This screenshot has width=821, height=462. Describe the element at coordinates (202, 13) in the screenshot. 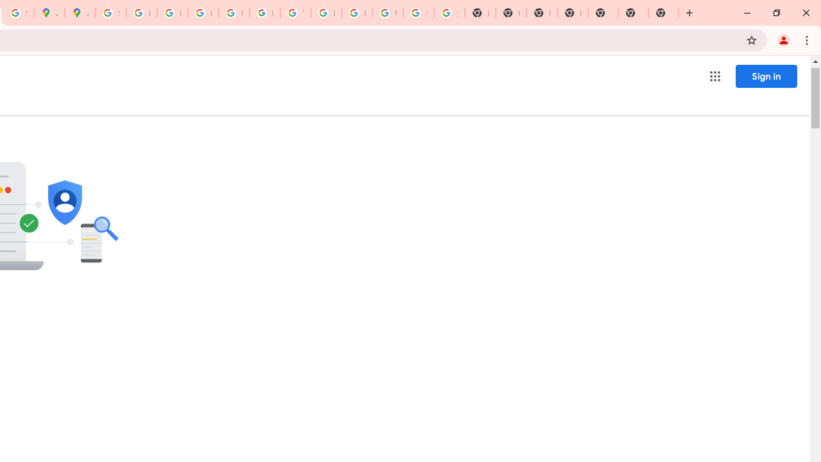

I see `'Privacy Help Center - Policies Help'` at that location.